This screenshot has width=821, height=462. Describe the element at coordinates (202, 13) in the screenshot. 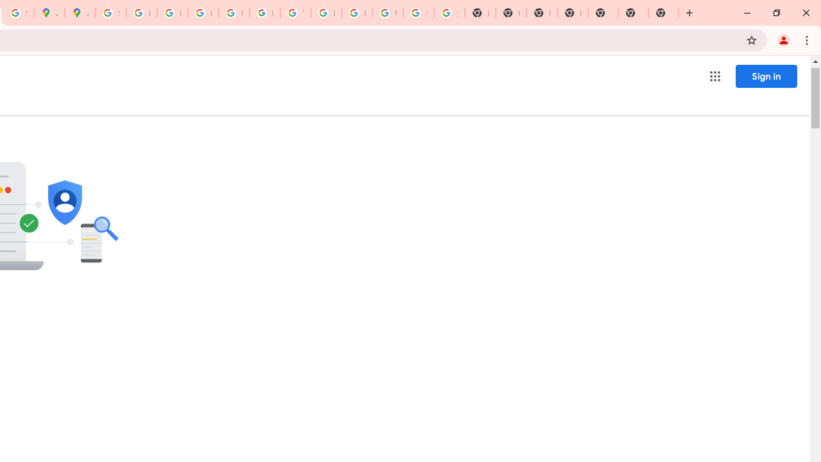

I see `'Privacy Help Center - Policies Help'` at that location.